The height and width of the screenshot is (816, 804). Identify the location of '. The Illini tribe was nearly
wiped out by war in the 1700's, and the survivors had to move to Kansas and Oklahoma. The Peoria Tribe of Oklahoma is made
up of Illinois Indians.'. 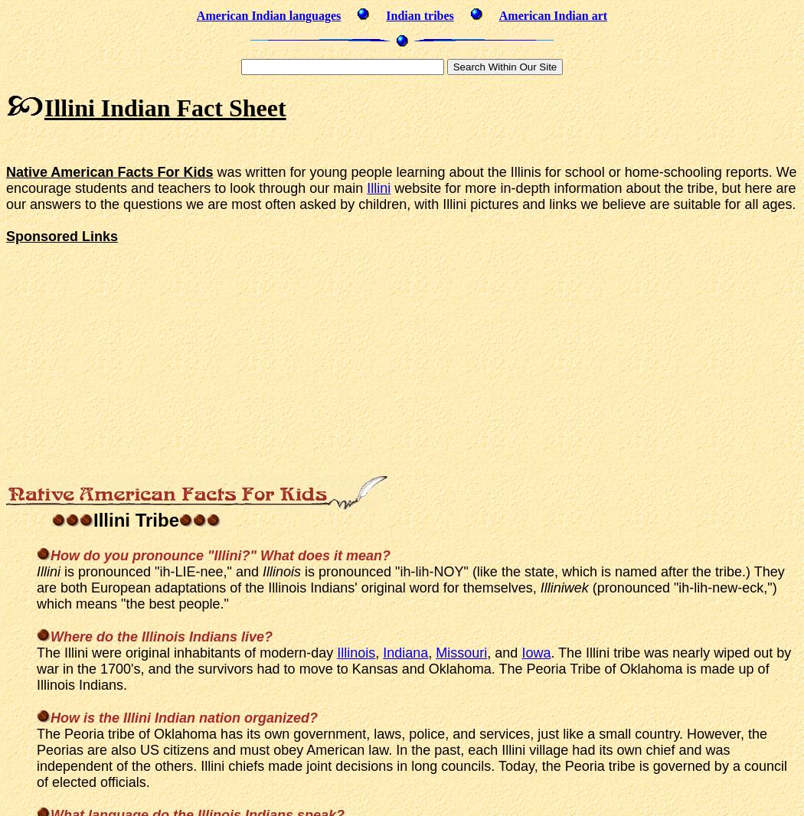
(413, 667).